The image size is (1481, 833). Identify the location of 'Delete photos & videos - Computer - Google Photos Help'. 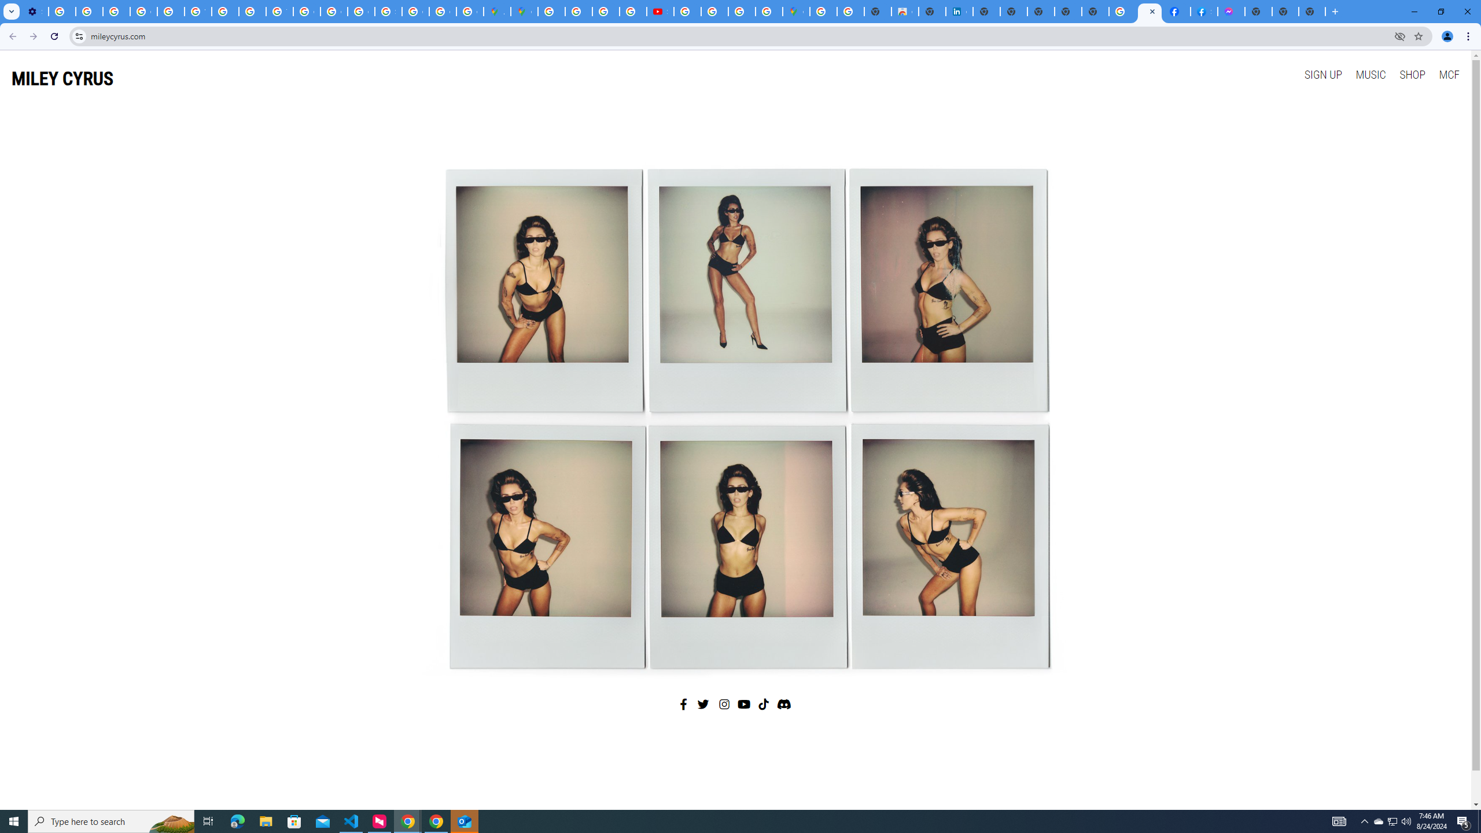
(61, 11).